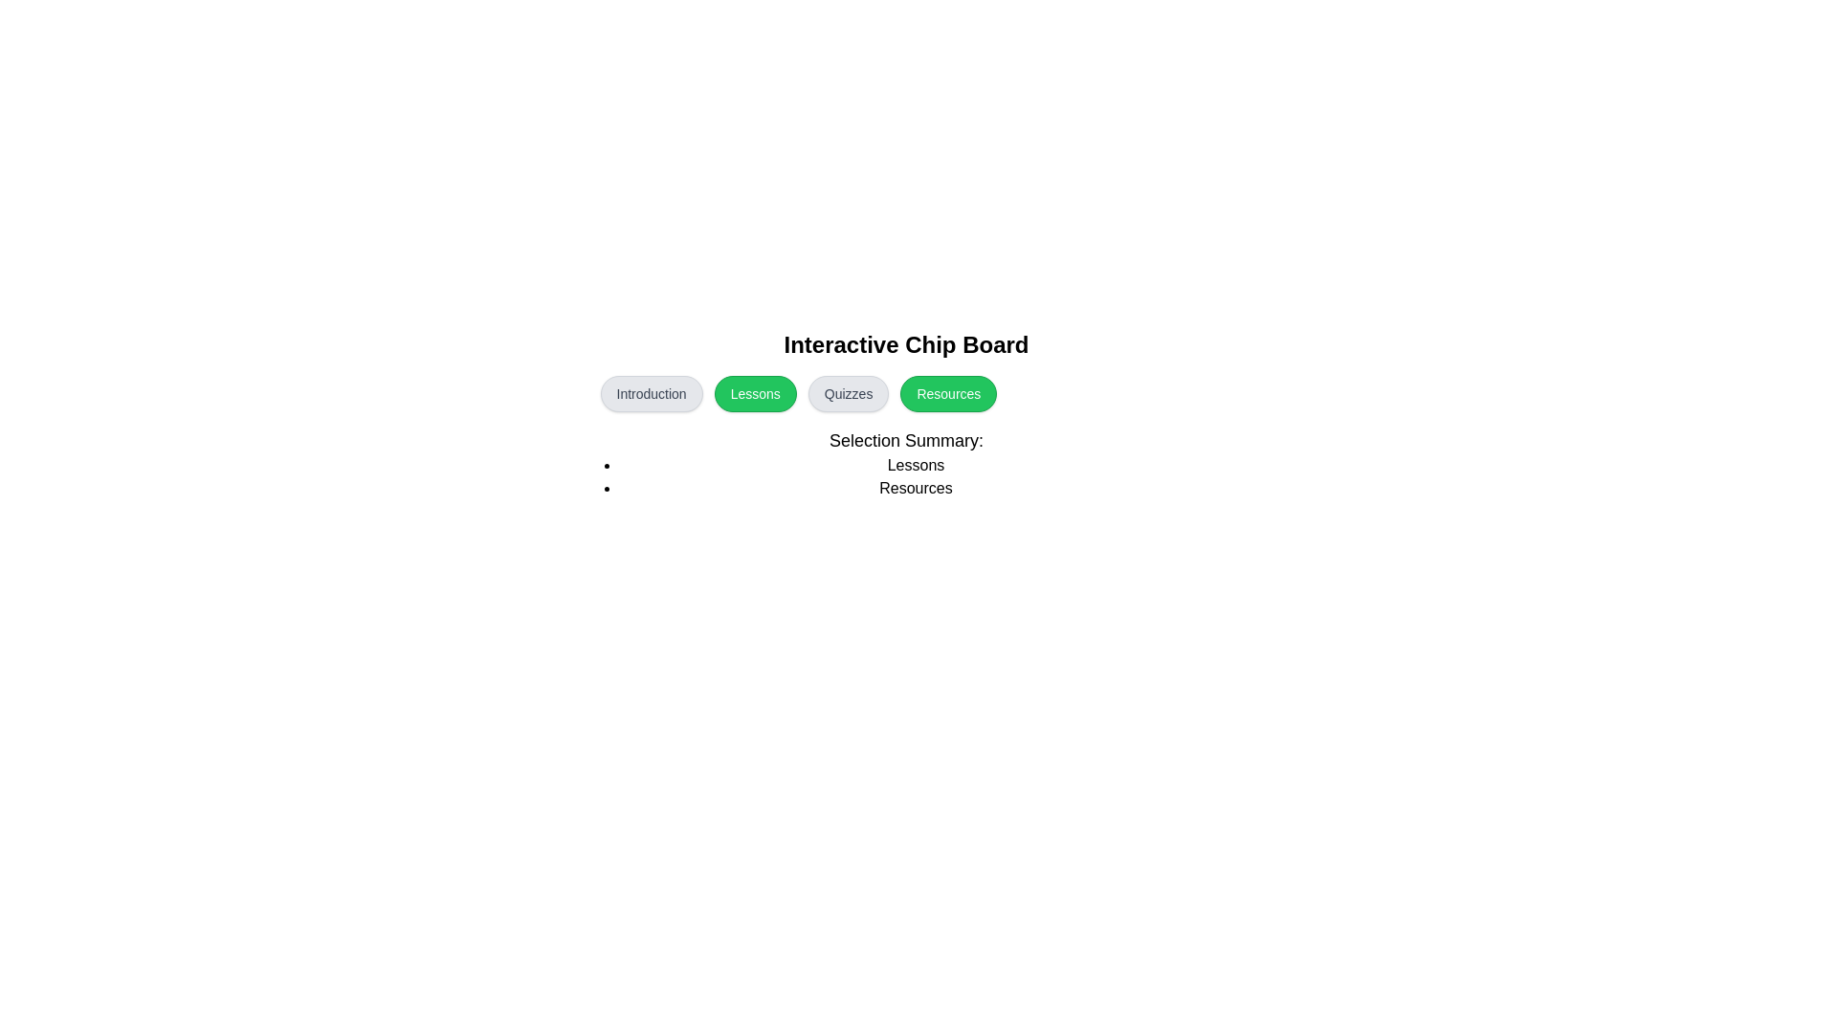 The image size is (1837, 1033). I want to click on displayed information in the 'Selection Summary:' section, which includes a bullet-point list of 'Lessons' and 'Resources', located below the interactive chip buttons, so click(905, 464).